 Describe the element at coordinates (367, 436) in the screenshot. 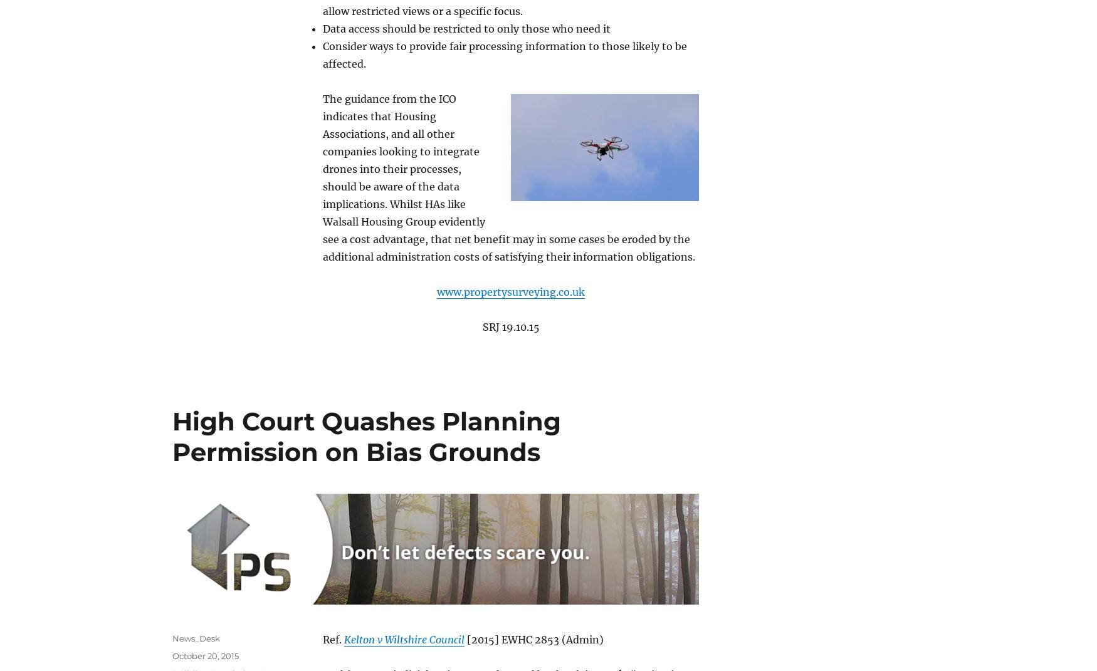

I see `'High Court Quashes Planning Permission on Bias Grounds'` at that location.